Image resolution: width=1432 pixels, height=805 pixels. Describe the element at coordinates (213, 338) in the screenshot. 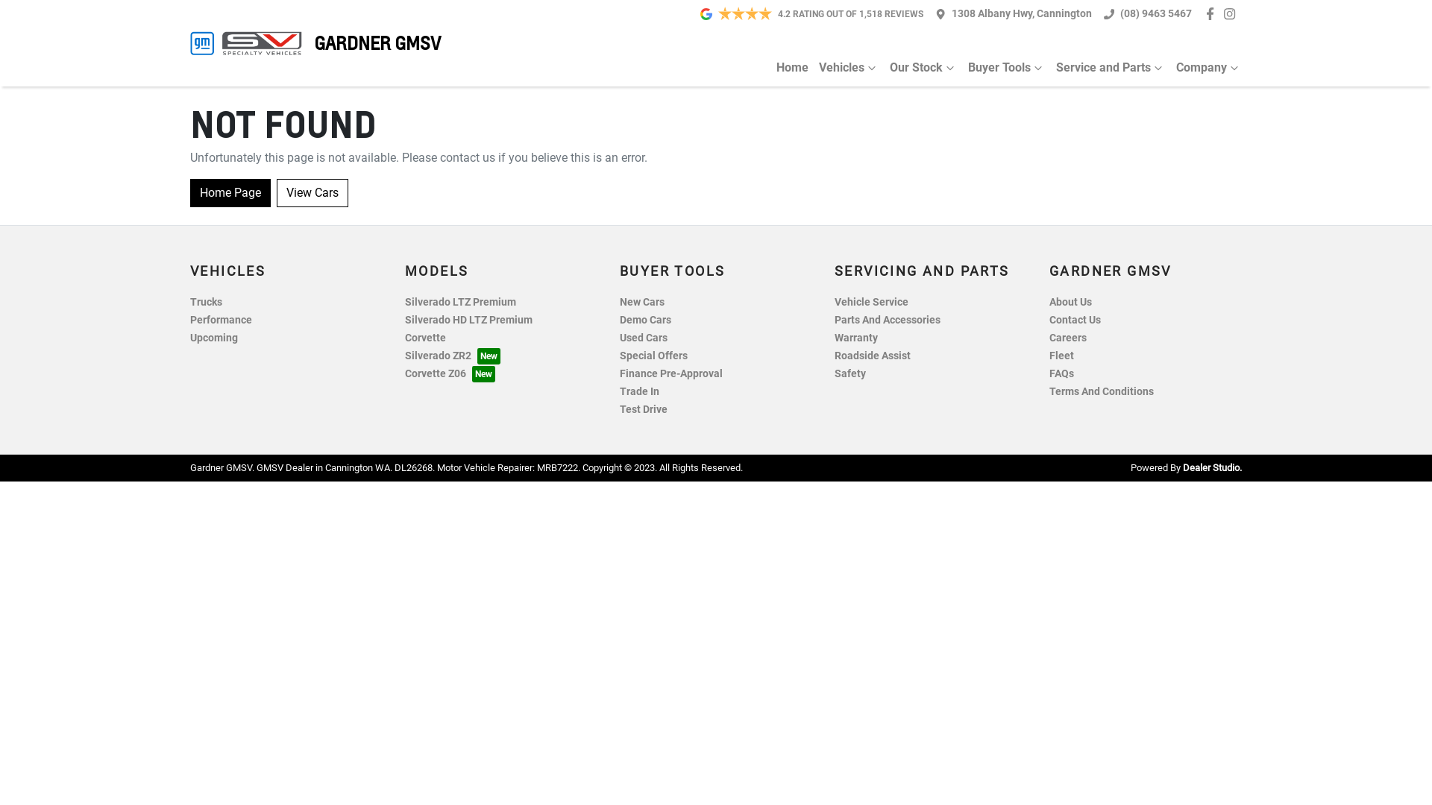

I see `'Upcoming'` at that location.